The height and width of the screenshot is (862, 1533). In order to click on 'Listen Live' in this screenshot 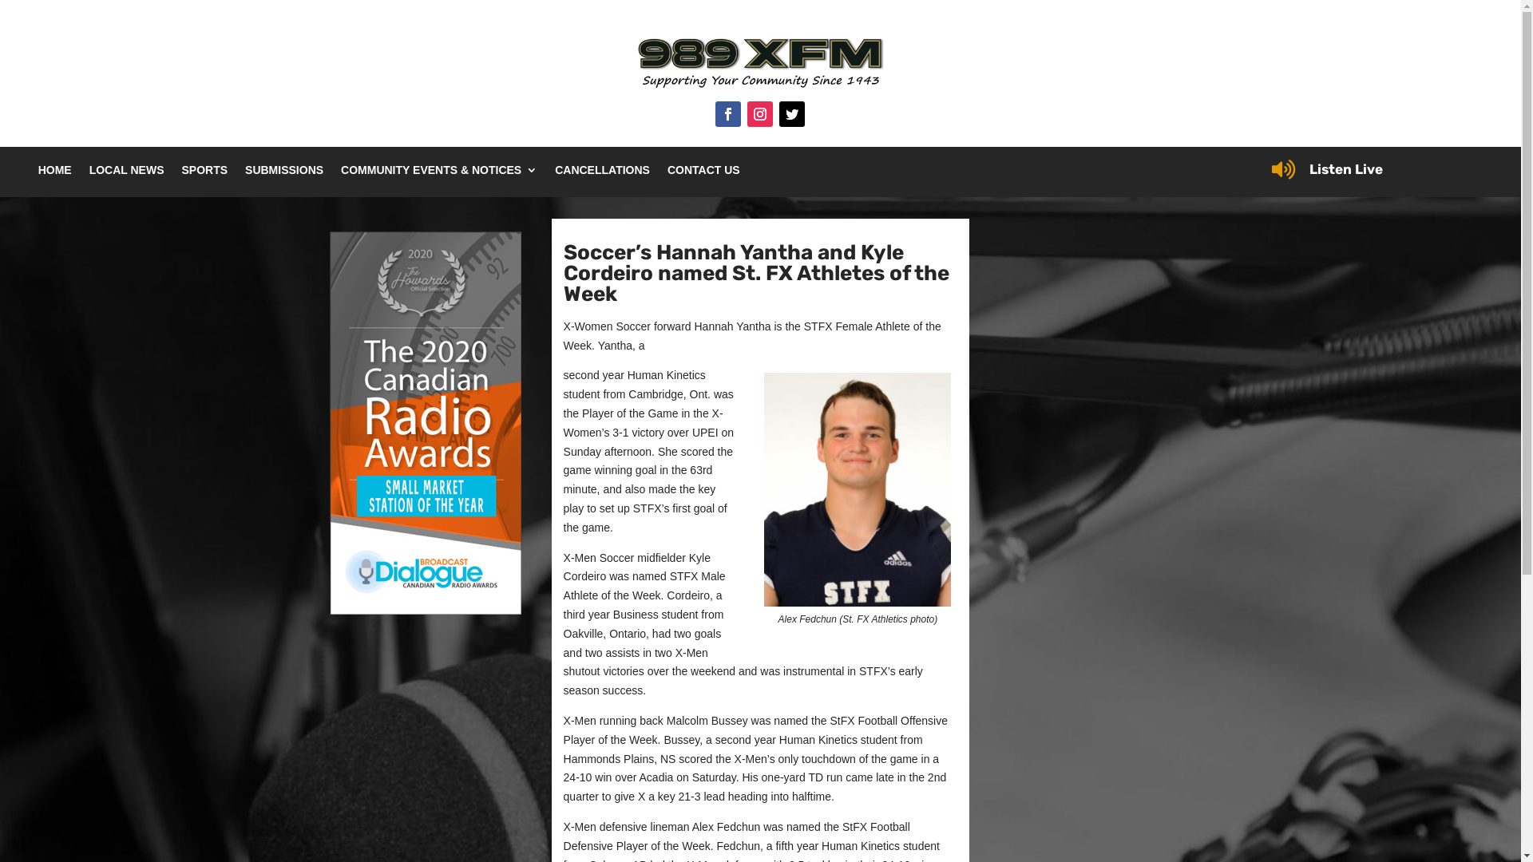, I will do `click(1309, 169)`.